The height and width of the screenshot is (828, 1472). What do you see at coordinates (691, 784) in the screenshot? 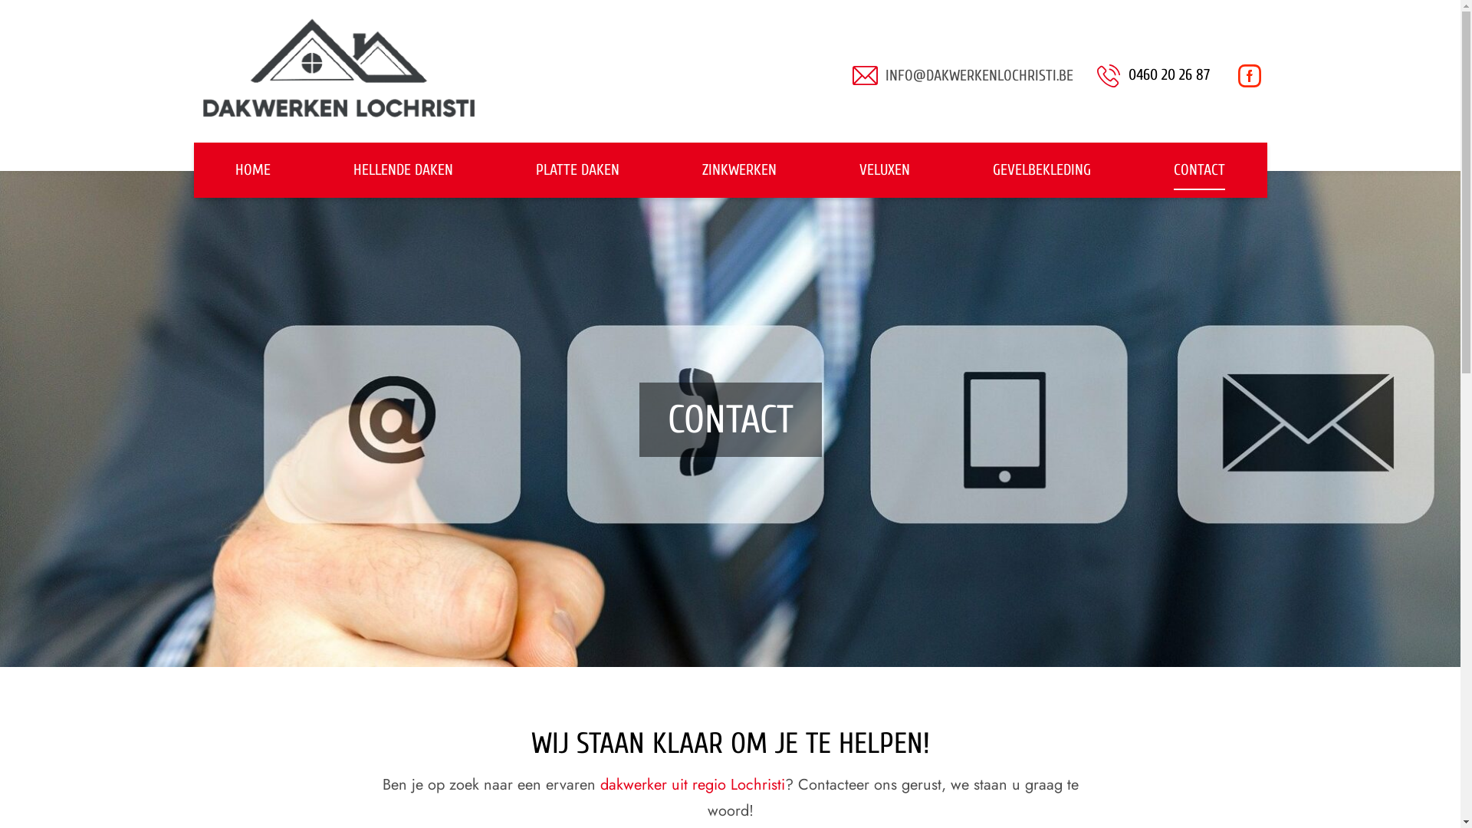
I see `'dakwerker uit regio Lochristi'` at bounding box center [691, 784].